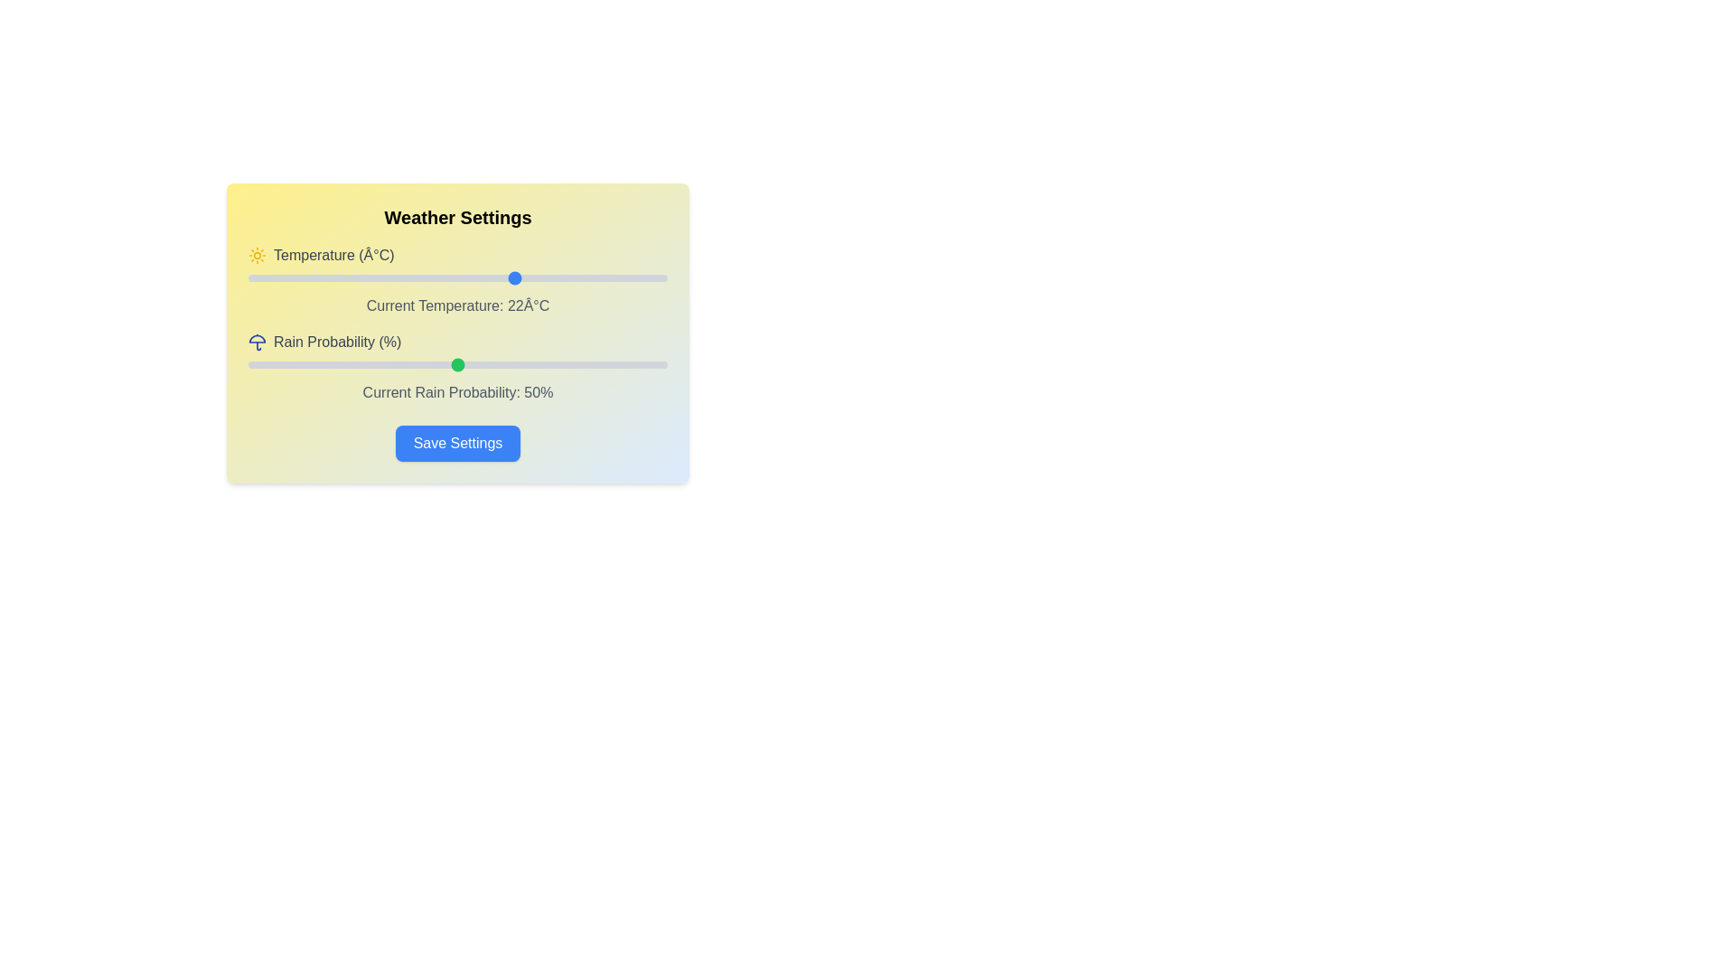  I want to click on the rain probability slider to 46%, so click(441, 365).